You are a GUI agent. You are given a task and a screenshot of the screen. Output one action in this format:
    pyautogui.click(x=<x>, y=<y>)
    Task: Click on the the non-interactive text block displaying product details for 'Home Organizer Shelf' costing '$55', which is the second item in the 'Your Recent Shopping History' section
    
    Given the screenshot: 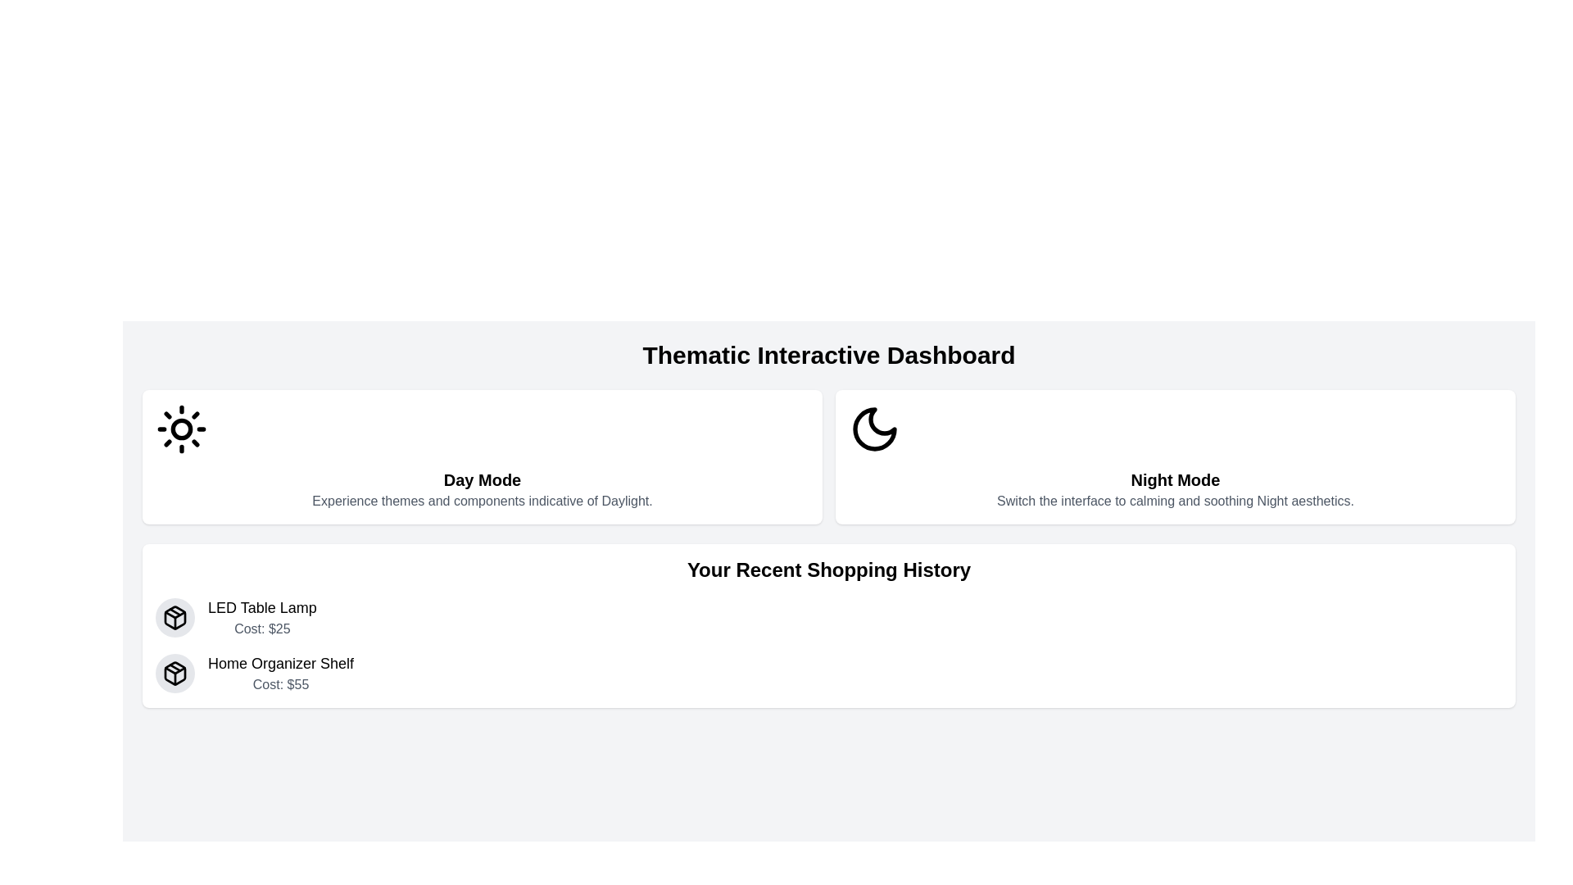 What is the action you would take?
    pyautogui.click(x=281, y=673)
    